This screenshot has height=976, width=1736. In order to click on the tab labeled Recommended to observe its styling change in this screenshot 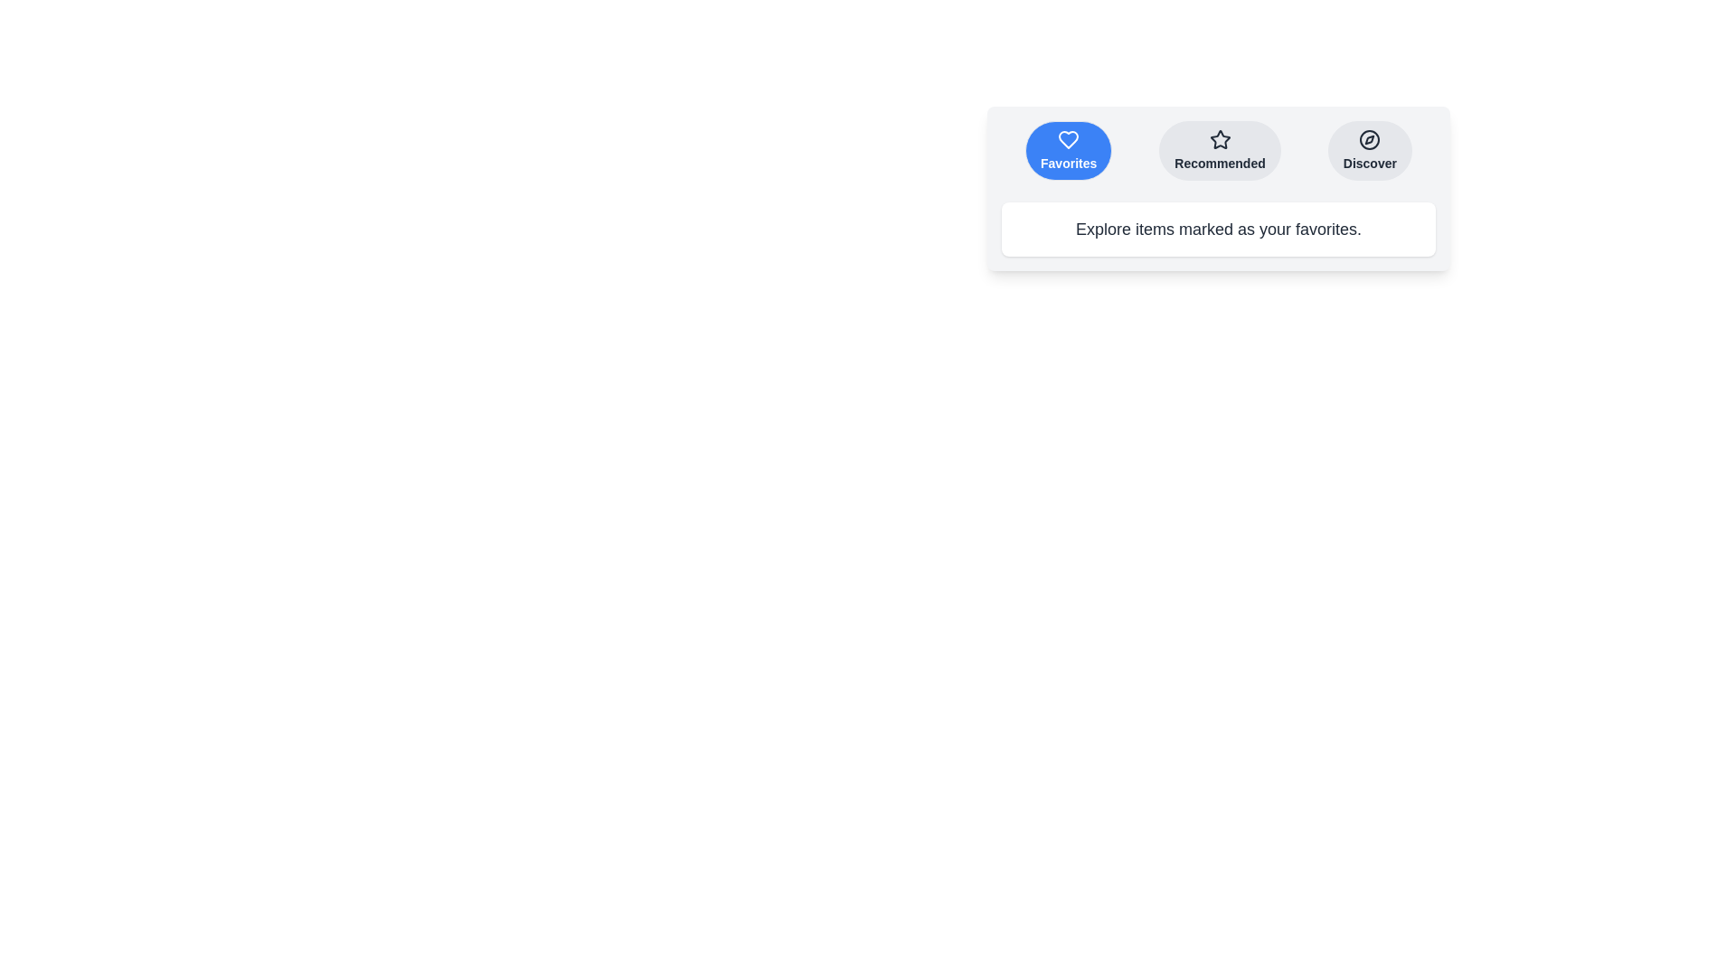, I will do `click(1220, 149)`.